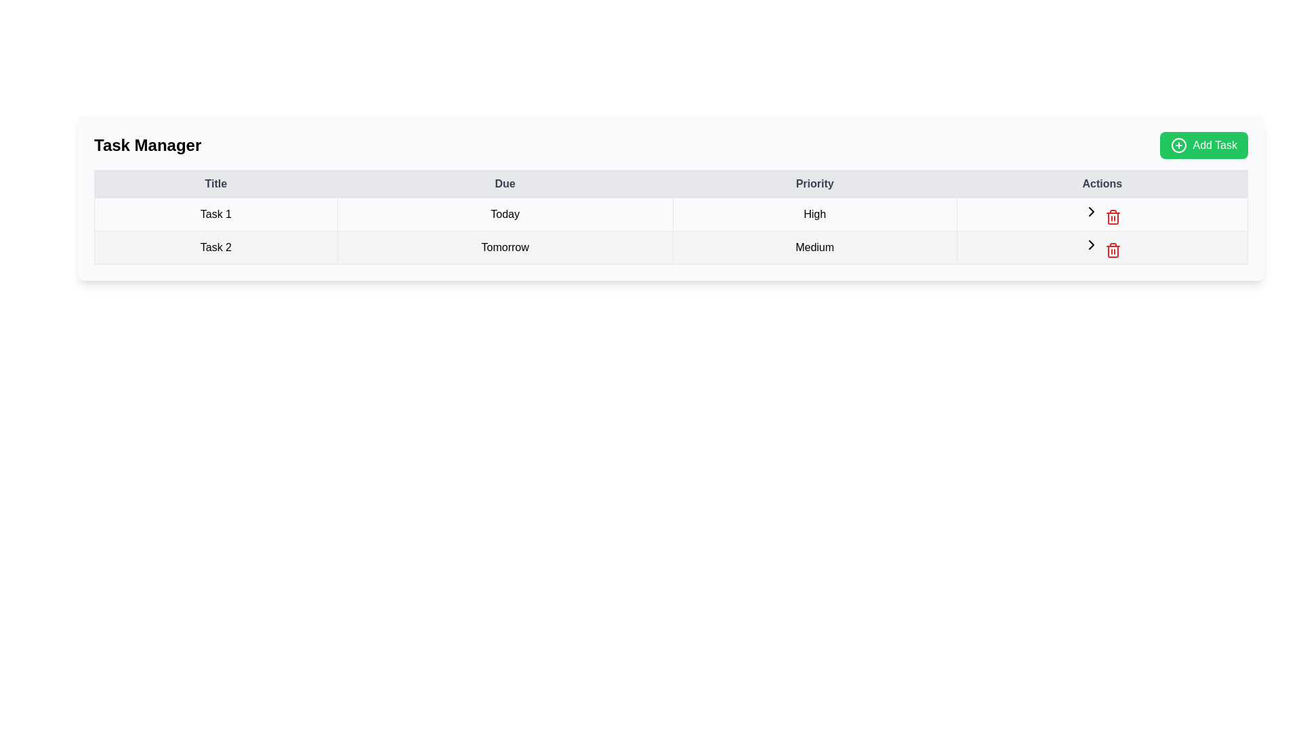  What do you see at coordinates (148, 146) in the screenshot?
I see `the 'Task Manager' text label, which is a bold, large font label located in the upper-left section of the interface` at bounding box center [148, 146].